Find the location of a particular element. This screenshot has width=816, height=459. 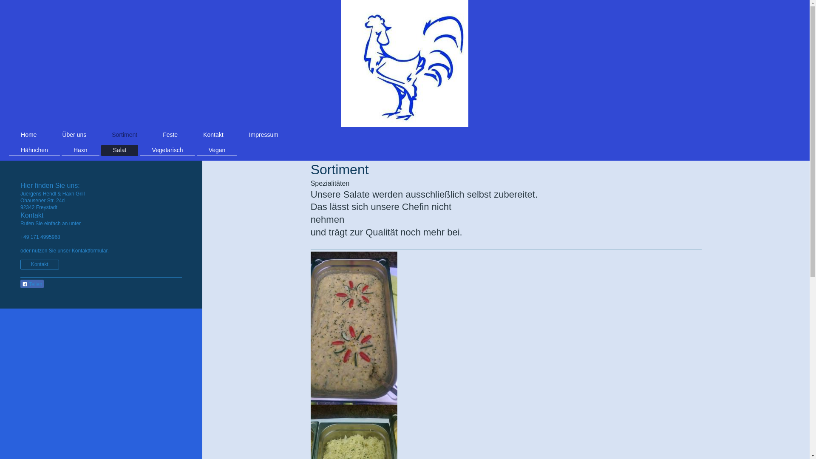

'Feste' is located at coordinates (151, 134).